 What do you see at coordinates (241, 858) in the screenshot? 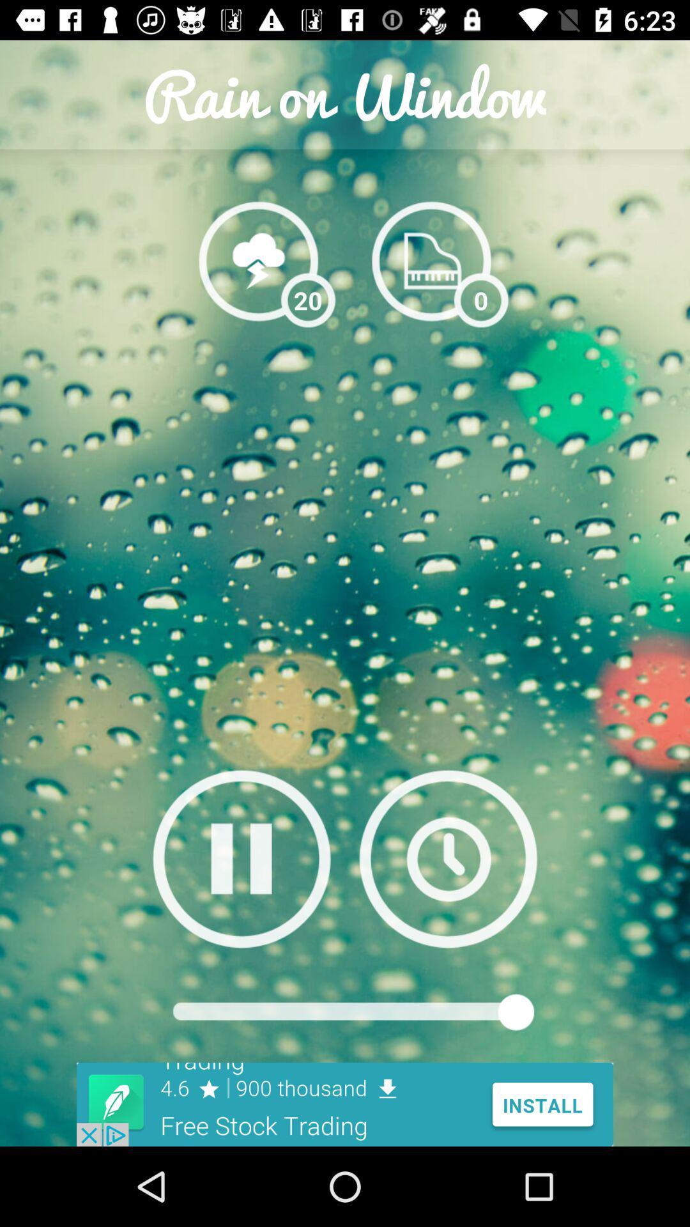
I see `the audio` at bounding box center [241, 858].